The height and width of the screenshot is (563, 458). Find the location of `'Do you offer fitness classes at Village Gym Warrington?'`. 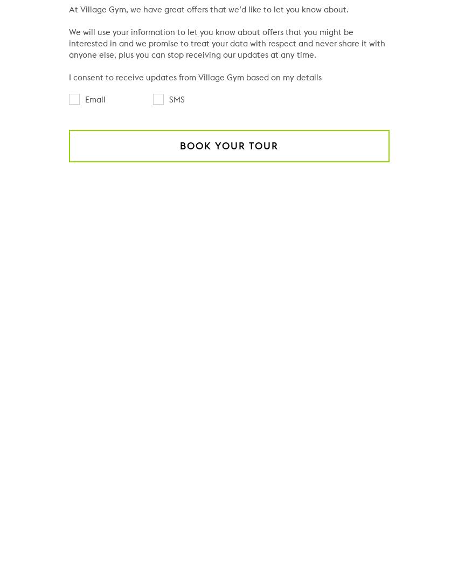

'Do you offer fitness classes at Village Gym Warrington?' is located at coordinates (203, 462).